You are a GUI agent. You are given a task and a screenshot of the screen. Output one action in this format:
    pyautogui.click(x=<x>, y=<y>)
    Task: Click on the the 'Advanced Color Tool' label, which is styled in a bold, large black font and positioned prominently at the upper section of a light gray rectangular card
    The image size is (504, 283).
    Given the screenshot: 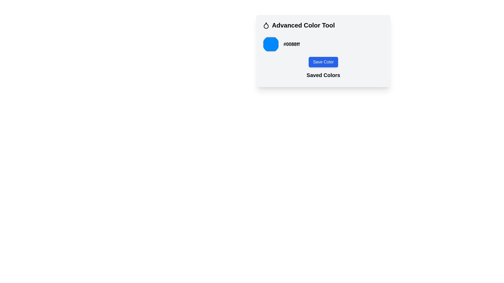 What is the action you would take?
    pyautogui.click(x=303, y=25)
    